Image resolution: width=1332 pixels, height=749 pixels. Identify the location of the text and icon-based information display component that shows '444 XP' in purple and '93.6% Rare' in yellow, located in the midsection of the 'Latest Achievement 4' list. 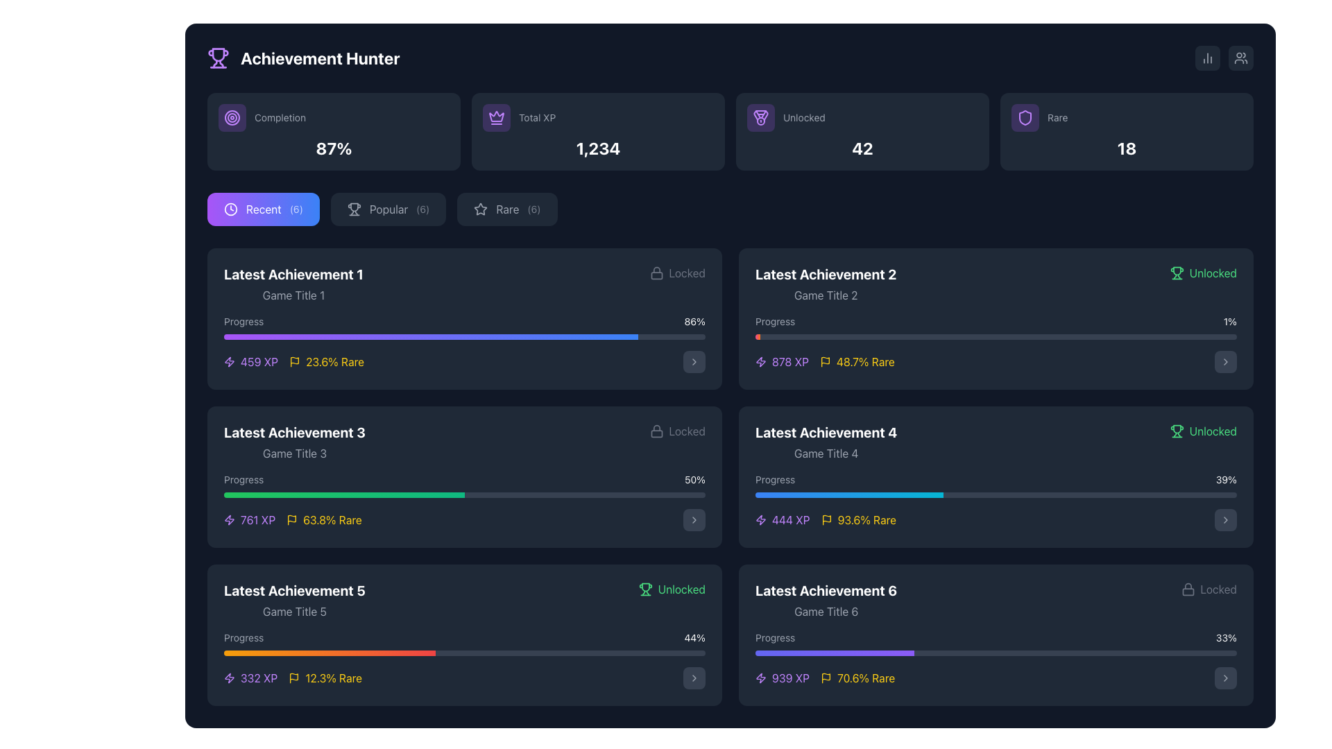
(826, 519).